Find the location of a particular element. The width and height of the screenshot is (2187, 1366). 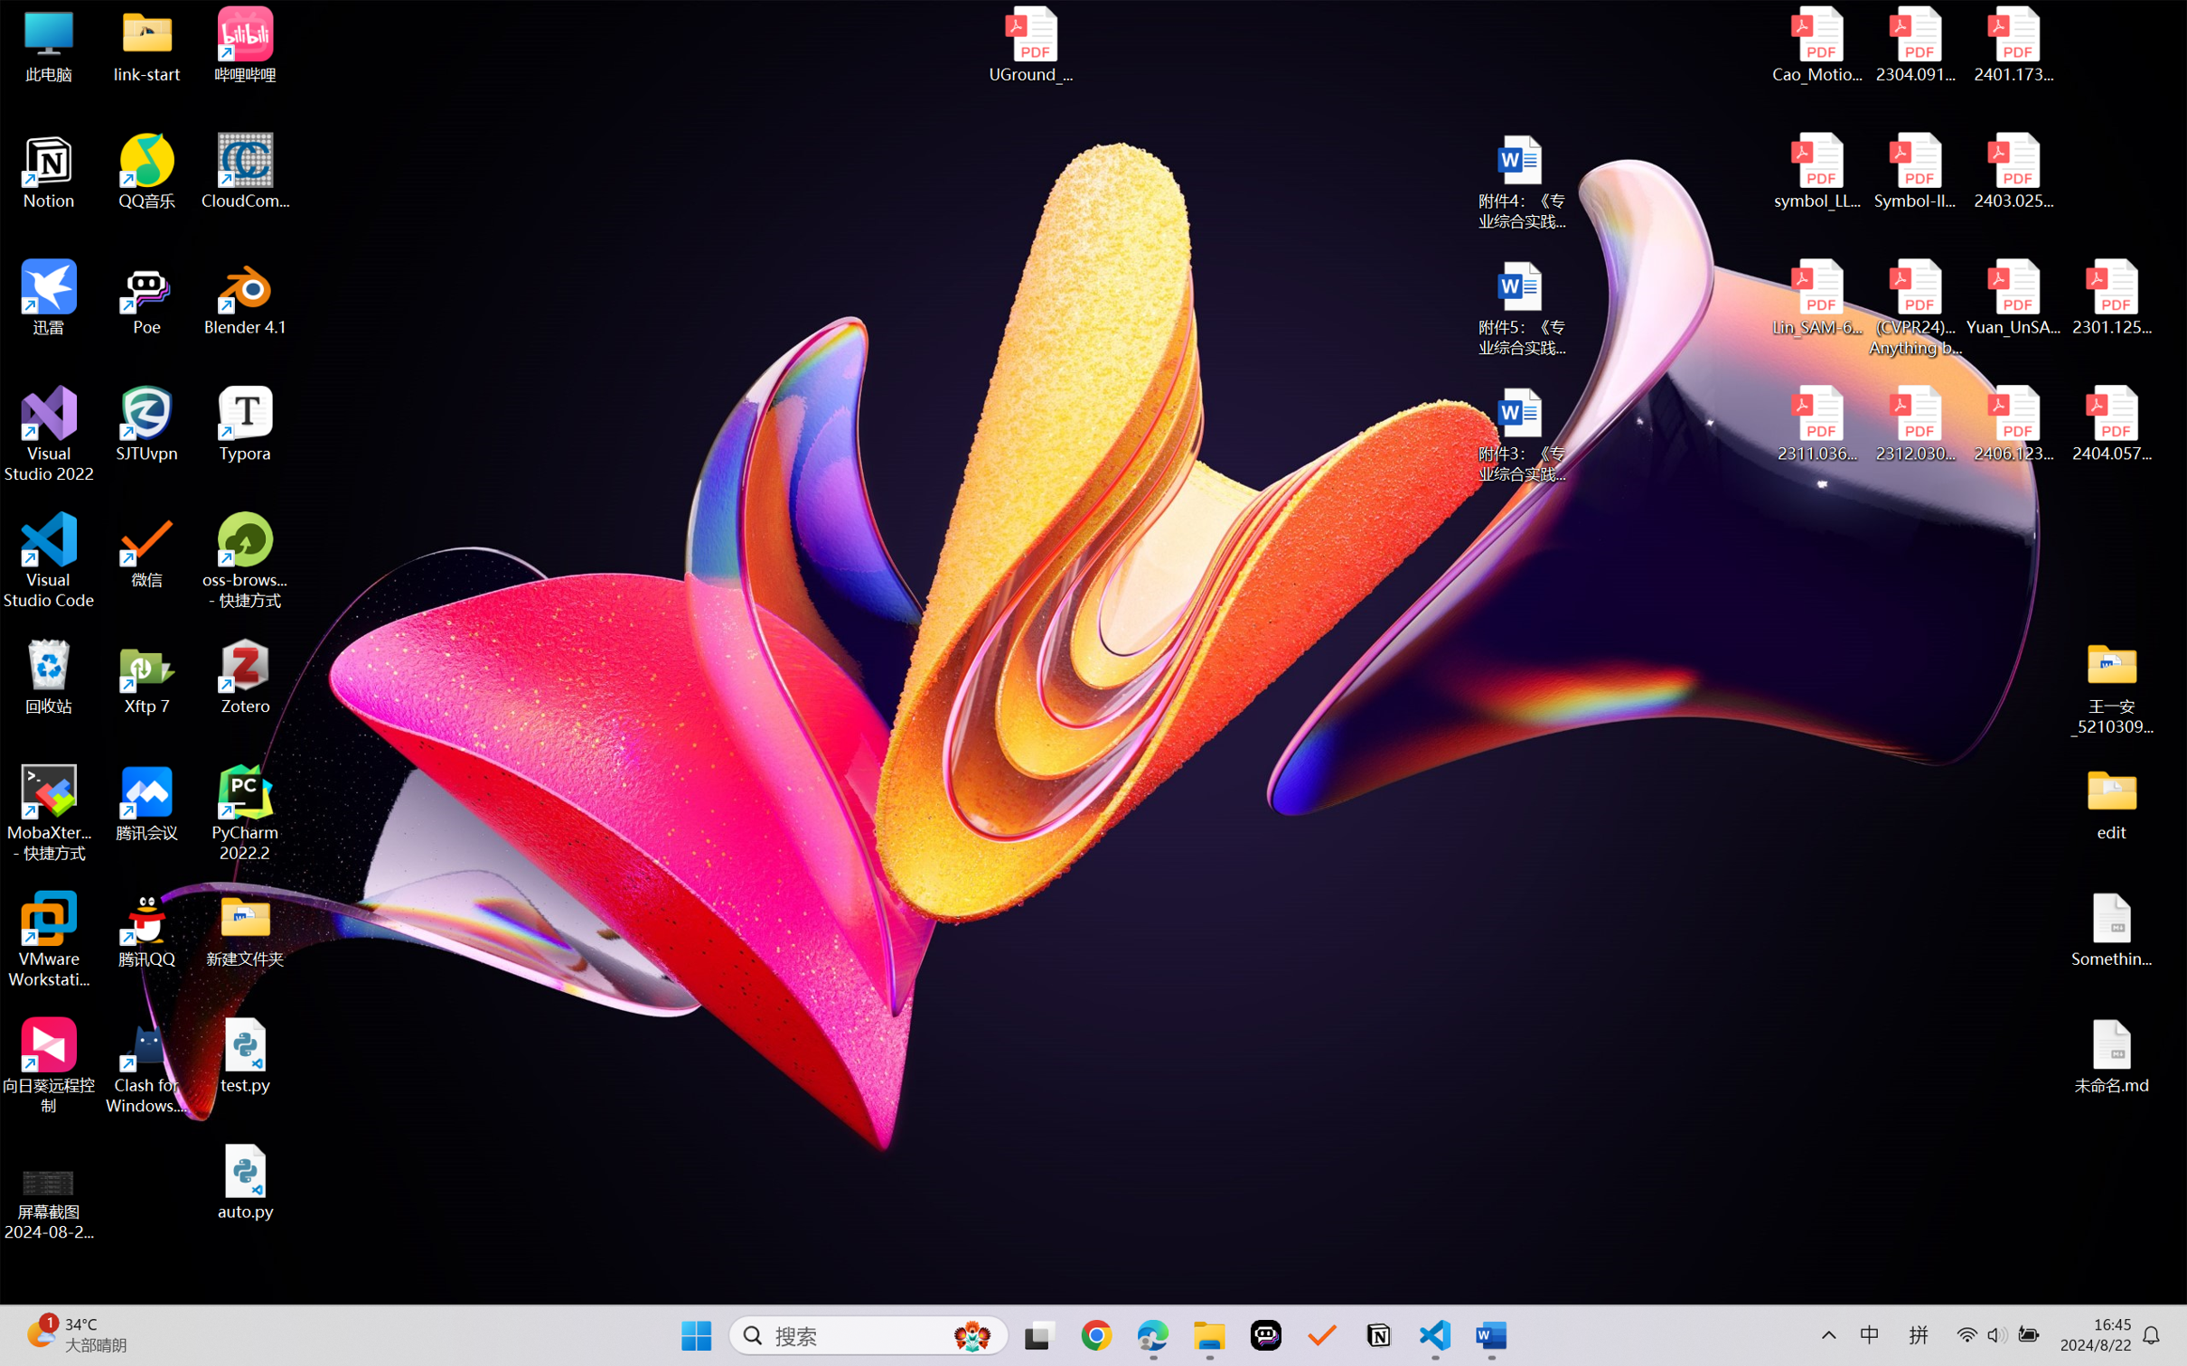

'Something.md' is located at coordinates (2110, 930).